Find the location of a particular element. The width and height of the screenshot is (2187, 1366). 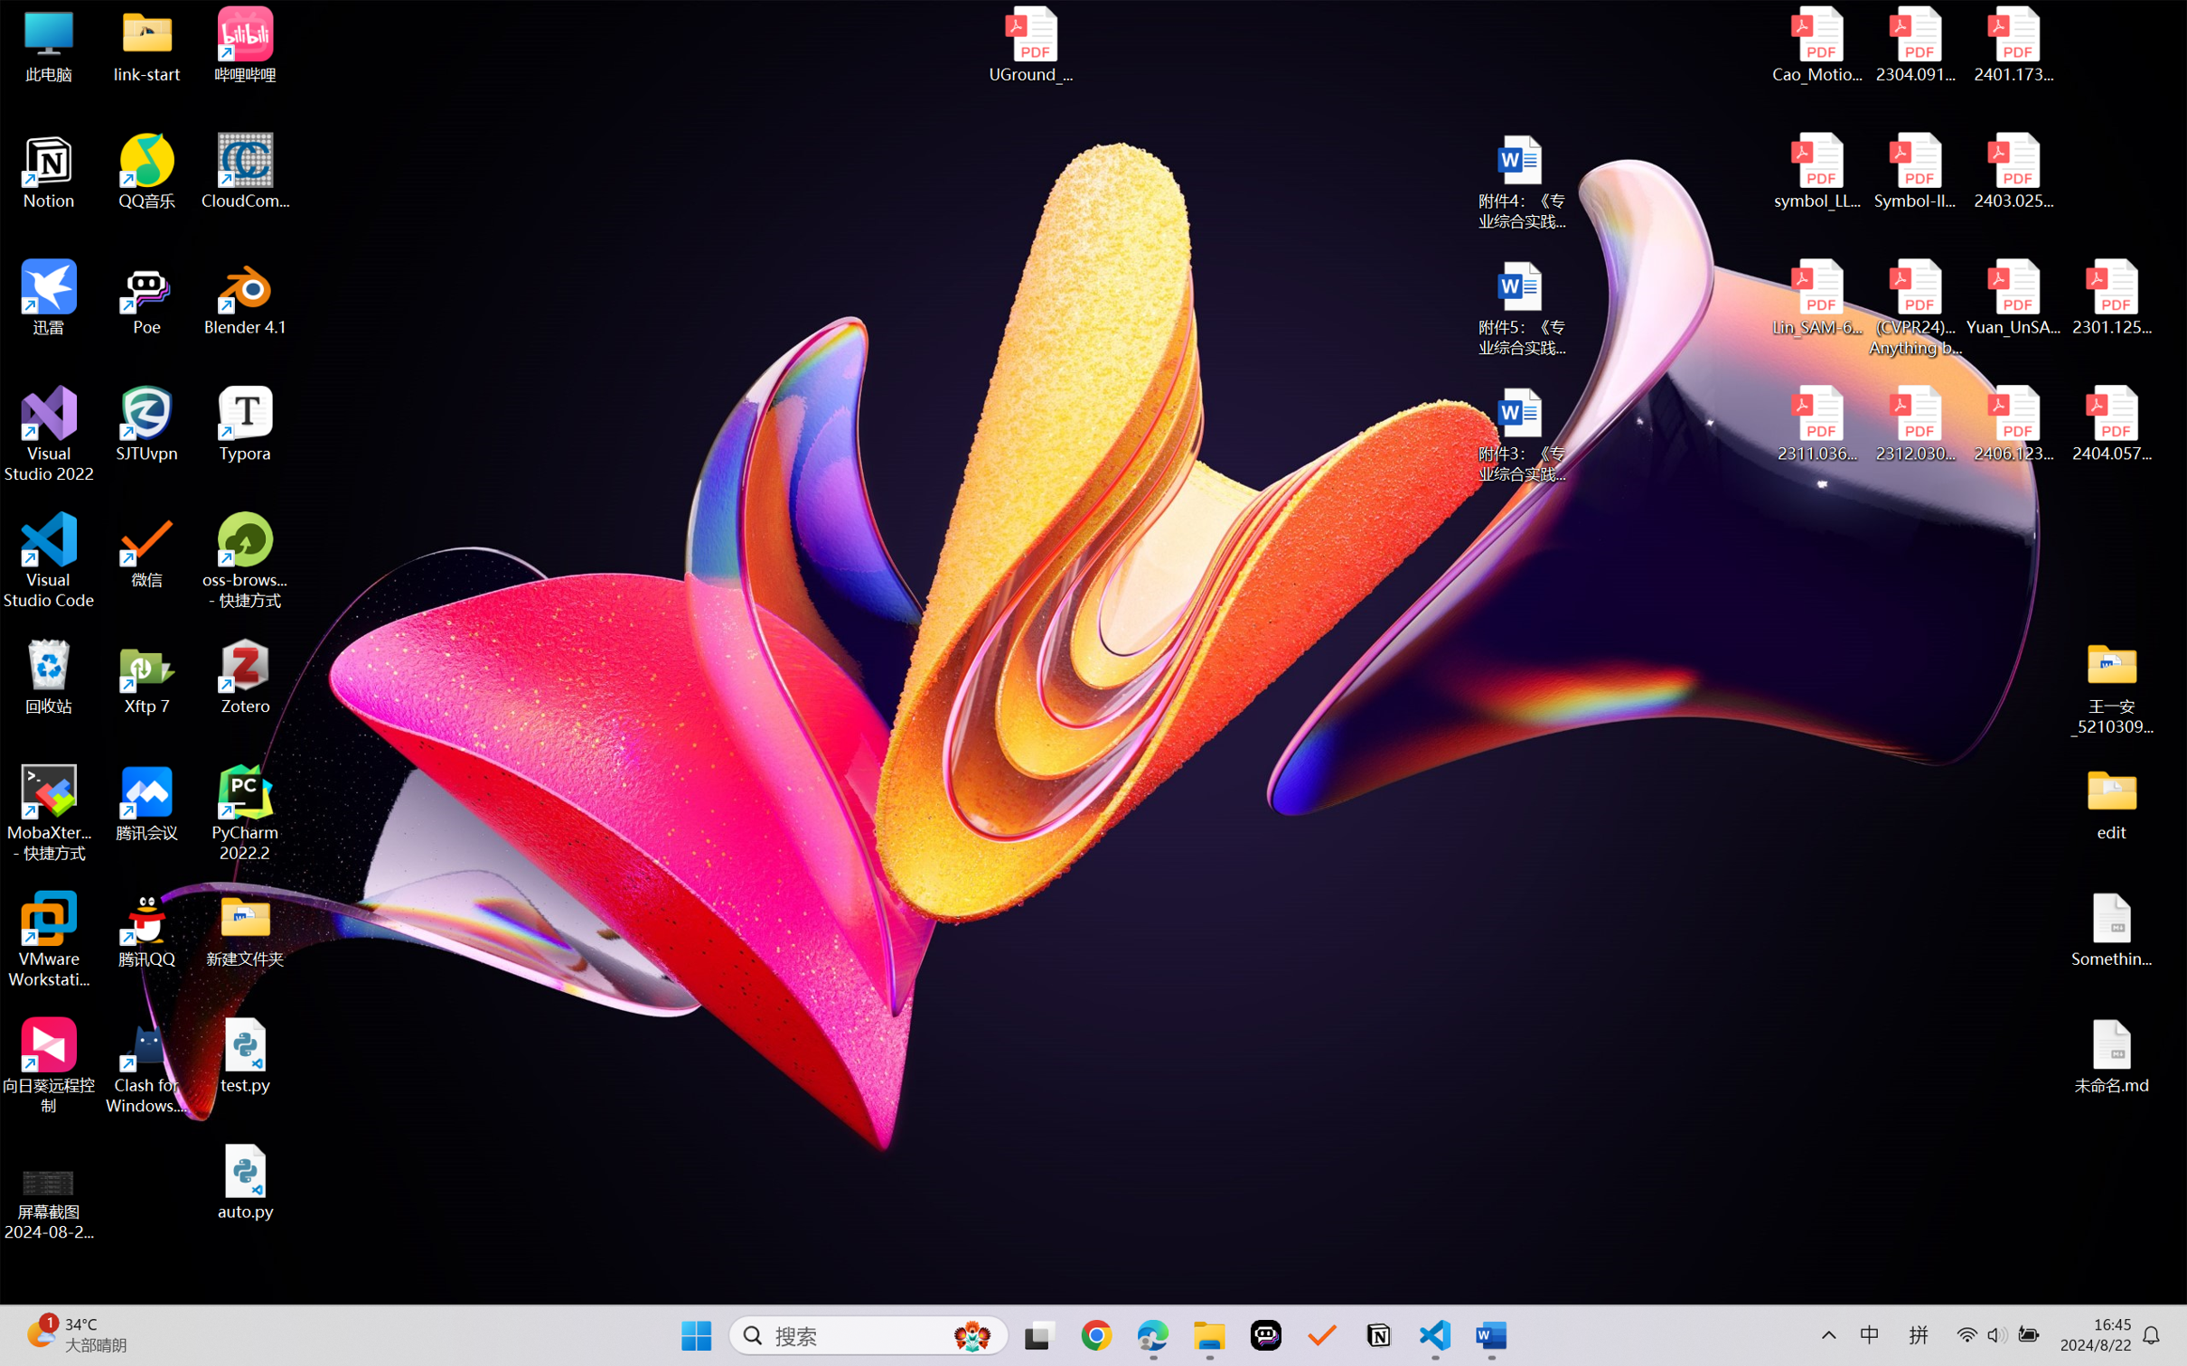

'Something.md' is located at coordinates (2110, 930).